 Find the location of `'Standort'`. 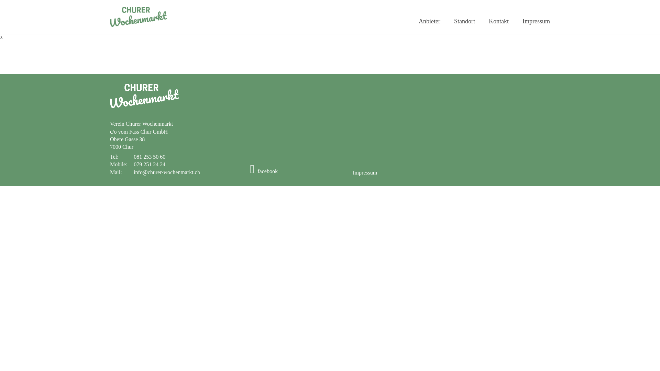

'Standort' is located at coordinates (464, 21).